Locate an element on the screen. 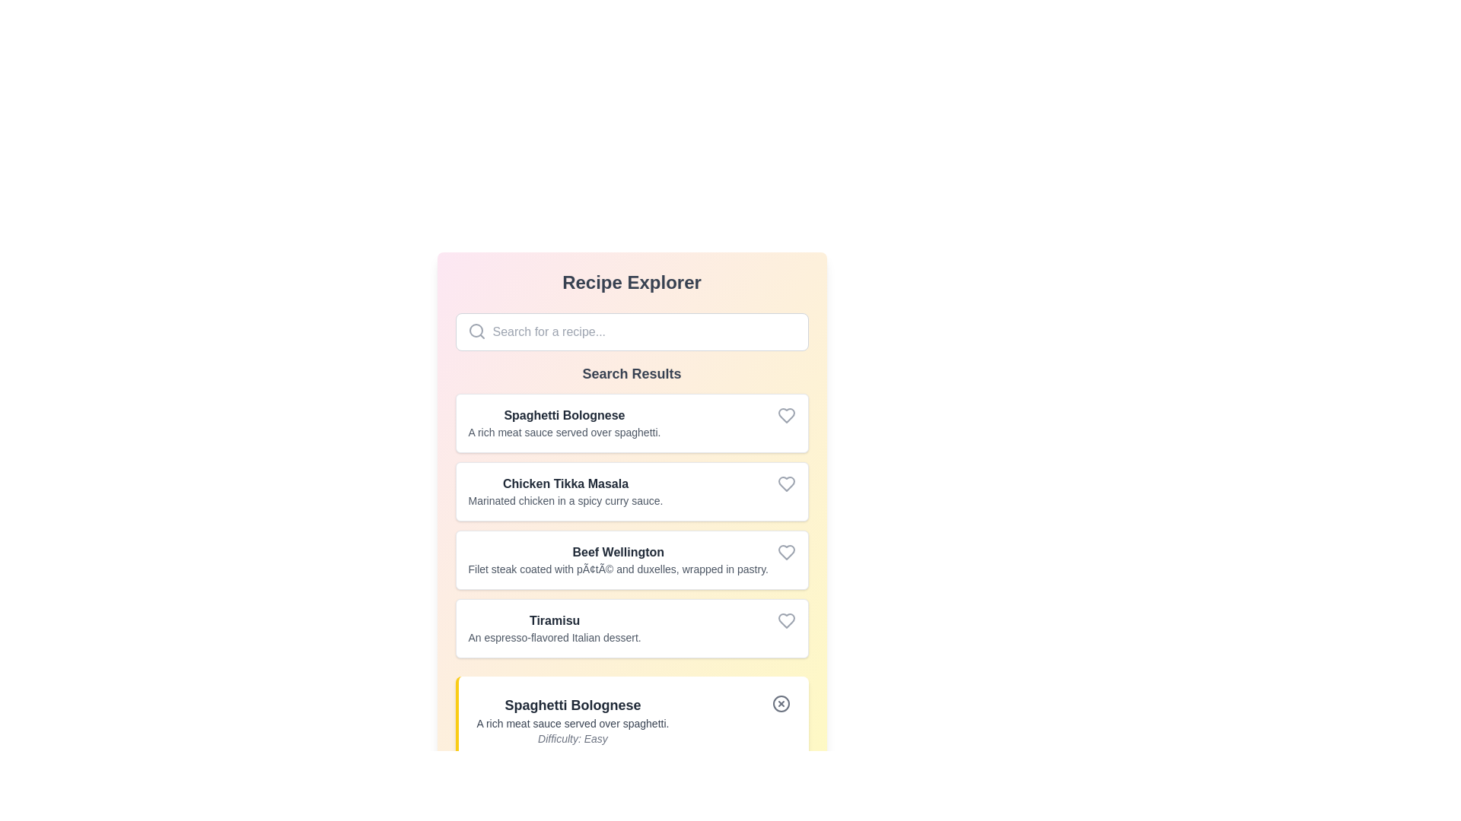 This screenshot has height=821, width=1461. the heart-shaped icon outlined in gray beside the 'Tiramisu' entry to mark the recipe as favorite is located at coordinates (786, 621).